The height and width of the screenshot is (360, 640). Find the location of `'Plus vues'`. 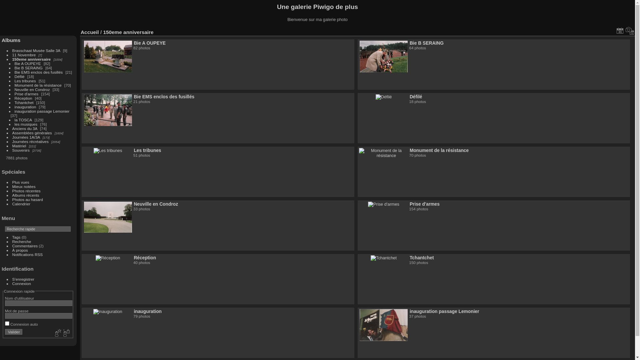

'Plus vues' is located at coordinates (21, 182).